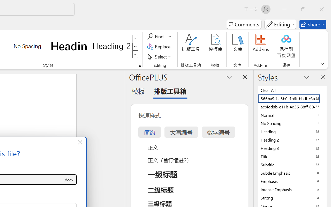 This screenshot has width=331, height=207. Describe the element at coordinates (292, 90) in the screenshot. I see `'Clear All'` at that location.